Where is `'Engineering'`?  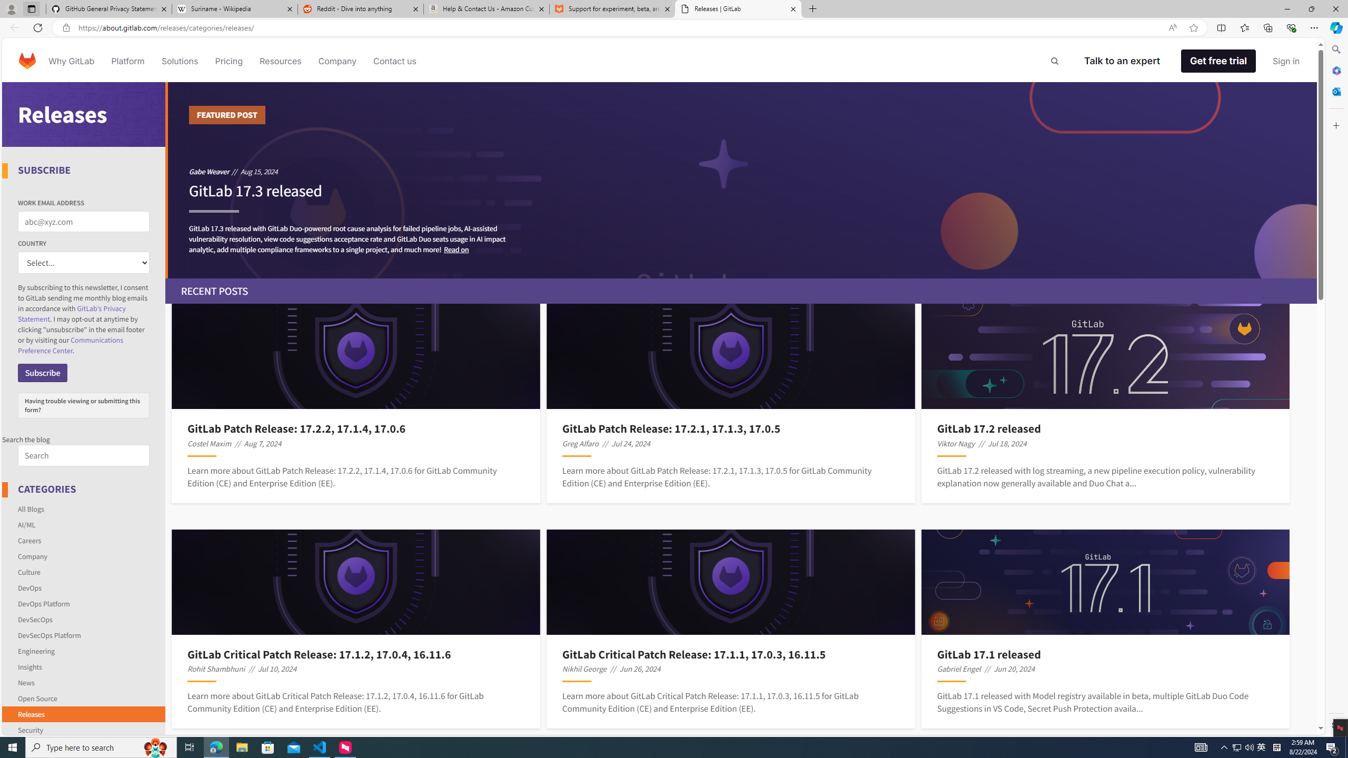 'Engineering' is located at coordinates (36, 651).